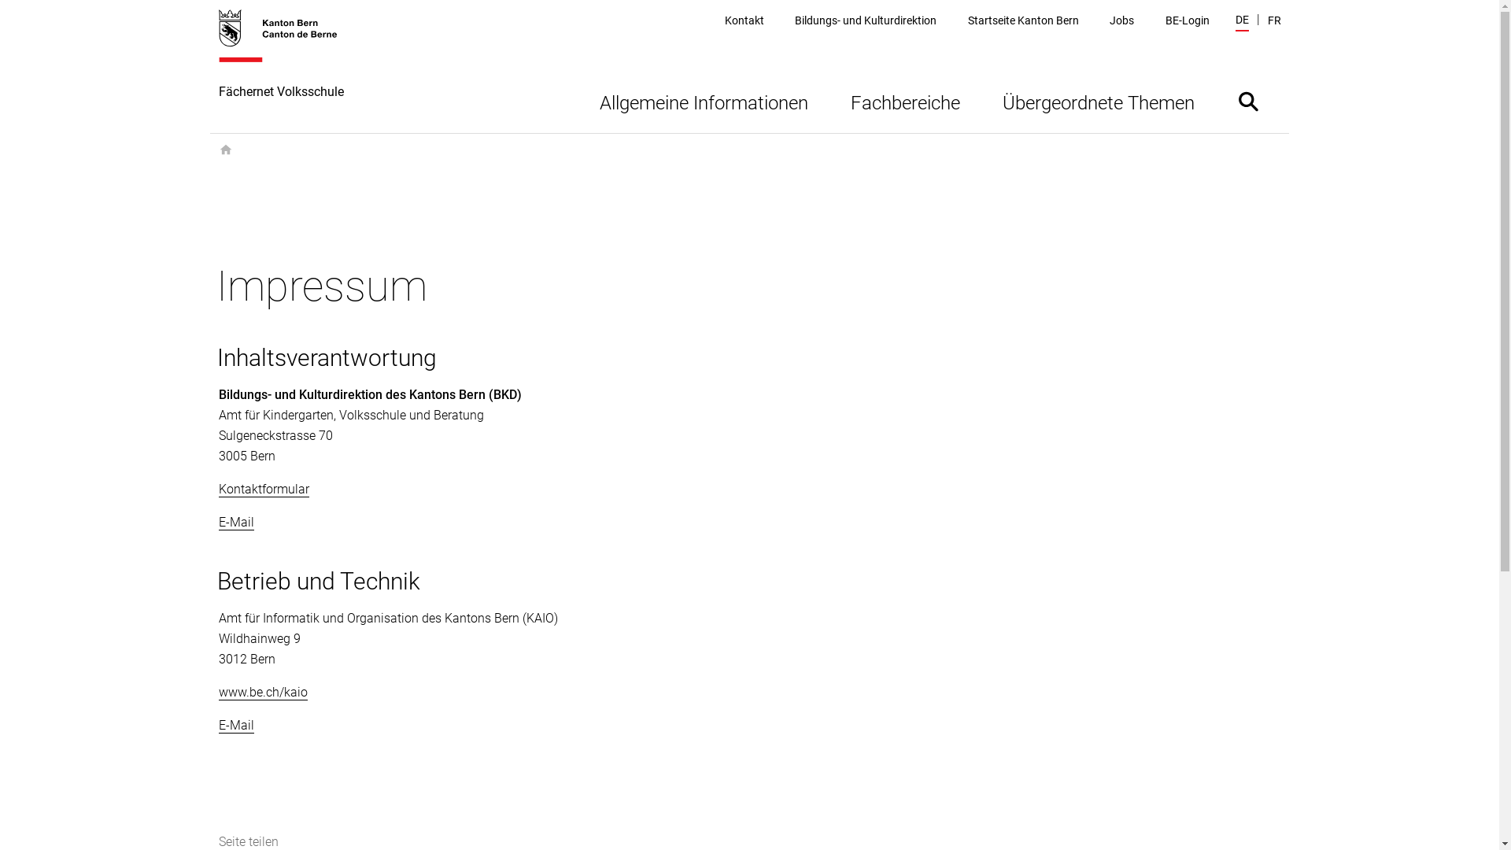 This screenshot has height=850, width=1511. Describe the element at coordinates (235, 725) in the screenshot. I see `'E-Mail'` at that location.